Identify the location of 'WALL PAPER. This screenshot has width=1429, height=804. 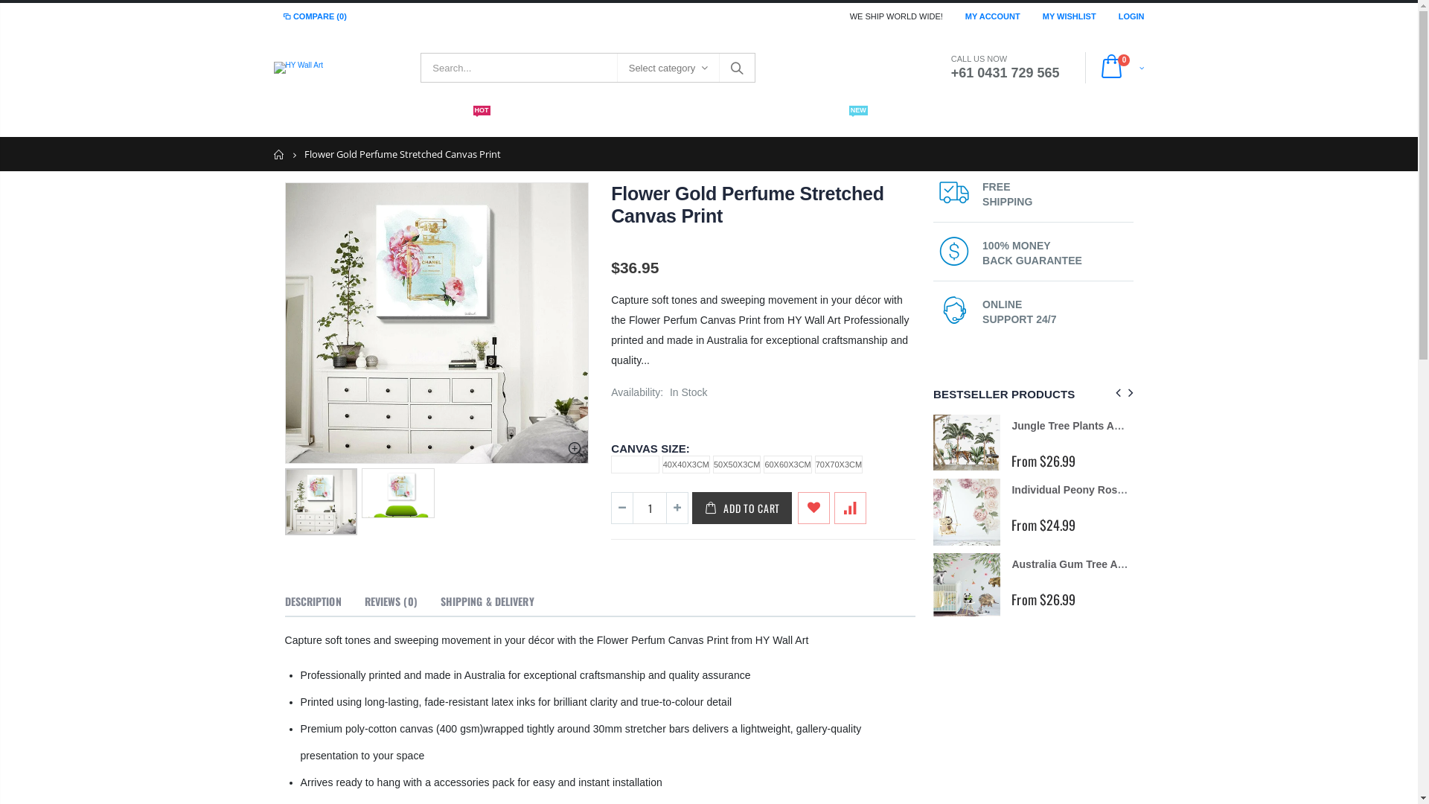
(453, 120).